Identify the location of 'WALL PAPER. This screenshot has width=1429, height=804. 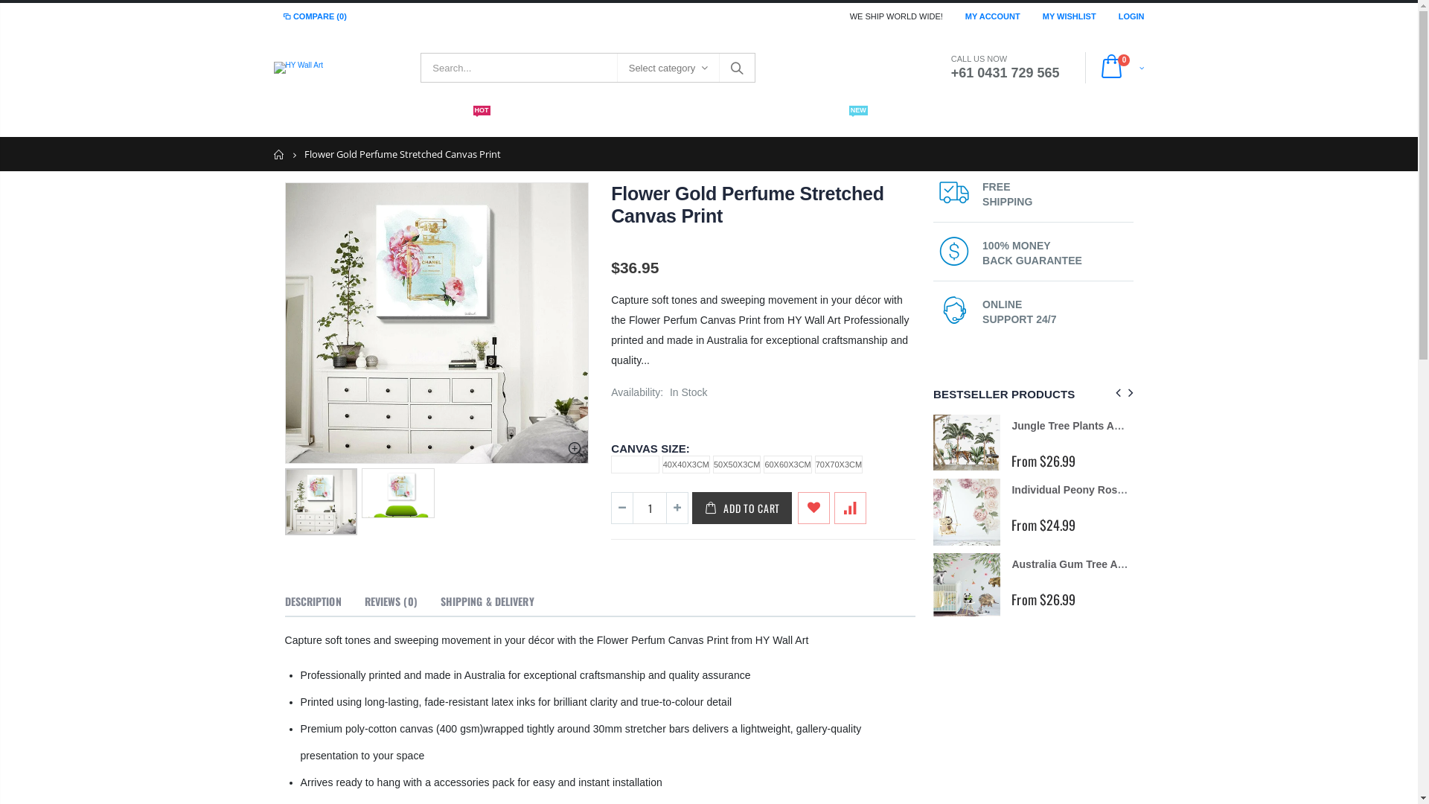
(453, 120).